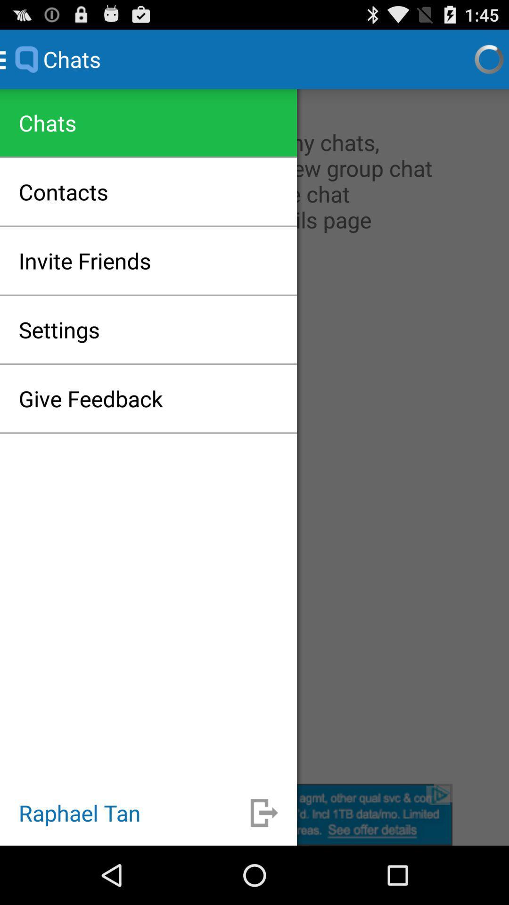 Image resolution: width=509 pixels, height=905 pixels. I want to click on exit app button, so click(264, 812).